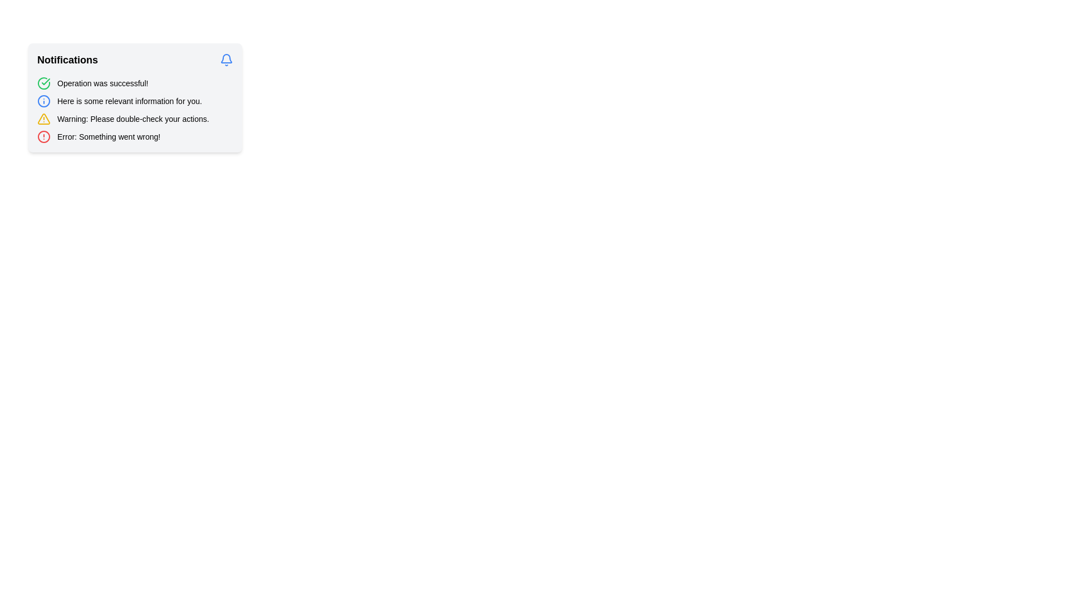 Image resolution: width=1069 pixels, height=601 pixels. What do you see at coordinates (135, 101) in the screenshot?
I see `the informational notification message displaying 'Here is some relevant information for you.' with a blue information icon` at bounding box center [135, 101].